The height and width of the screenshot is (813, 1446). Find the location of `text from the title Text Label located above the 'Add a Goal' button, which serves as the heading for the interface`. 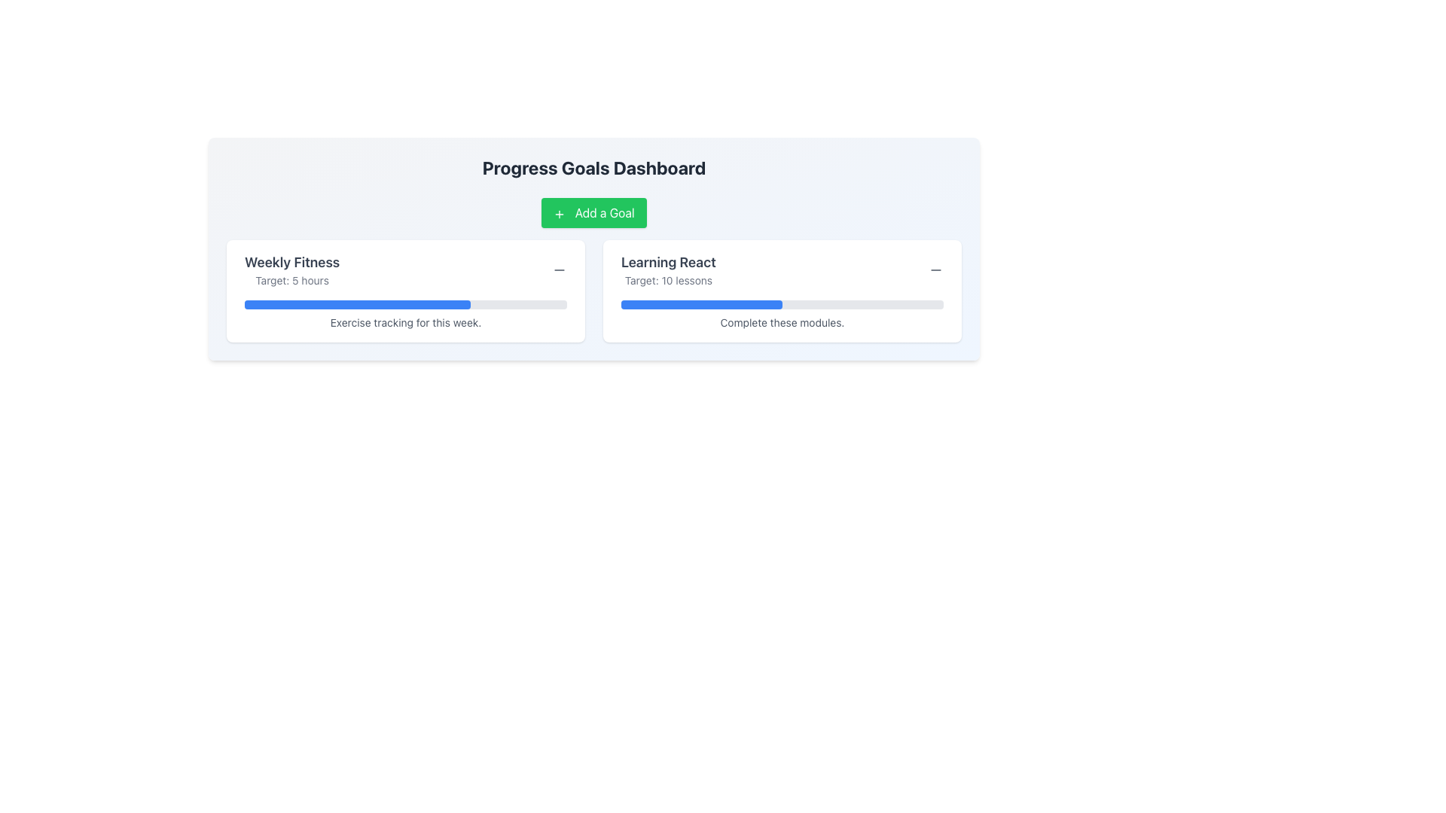

text from the title Text Label located above the 'Add a Goal' button, which serves as the heading for the interface is located at coordinates (593, 168).